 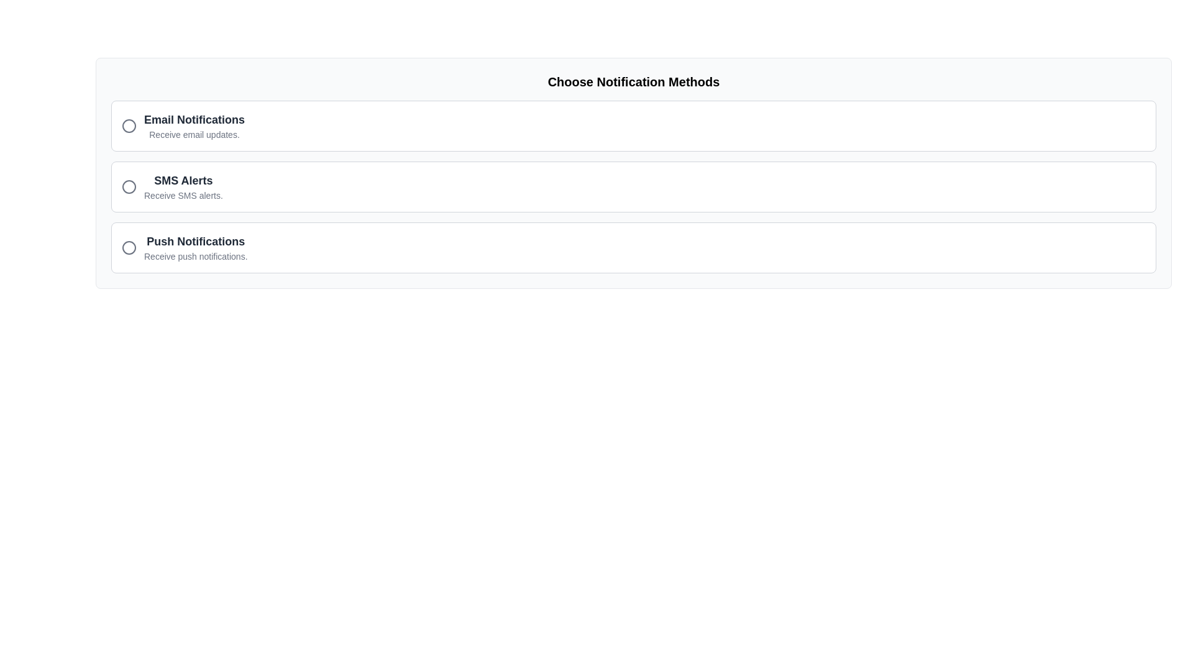 What do you see at coordinates (195, 242) in the screenshot?
I see `title of the notification option indicated by the text label positioned at the bottom of the list beneath the 'SMS Alerts' option` at bounding box center [195, 242].